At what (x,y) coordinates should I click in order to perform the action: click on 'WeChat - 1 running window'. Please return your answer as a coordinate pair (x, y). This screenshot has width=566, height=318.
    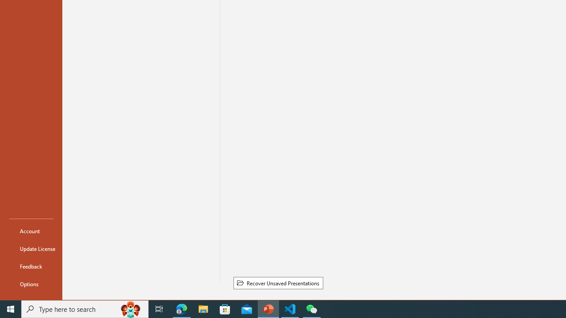
    Looking at the image, I should click on (312, 308).